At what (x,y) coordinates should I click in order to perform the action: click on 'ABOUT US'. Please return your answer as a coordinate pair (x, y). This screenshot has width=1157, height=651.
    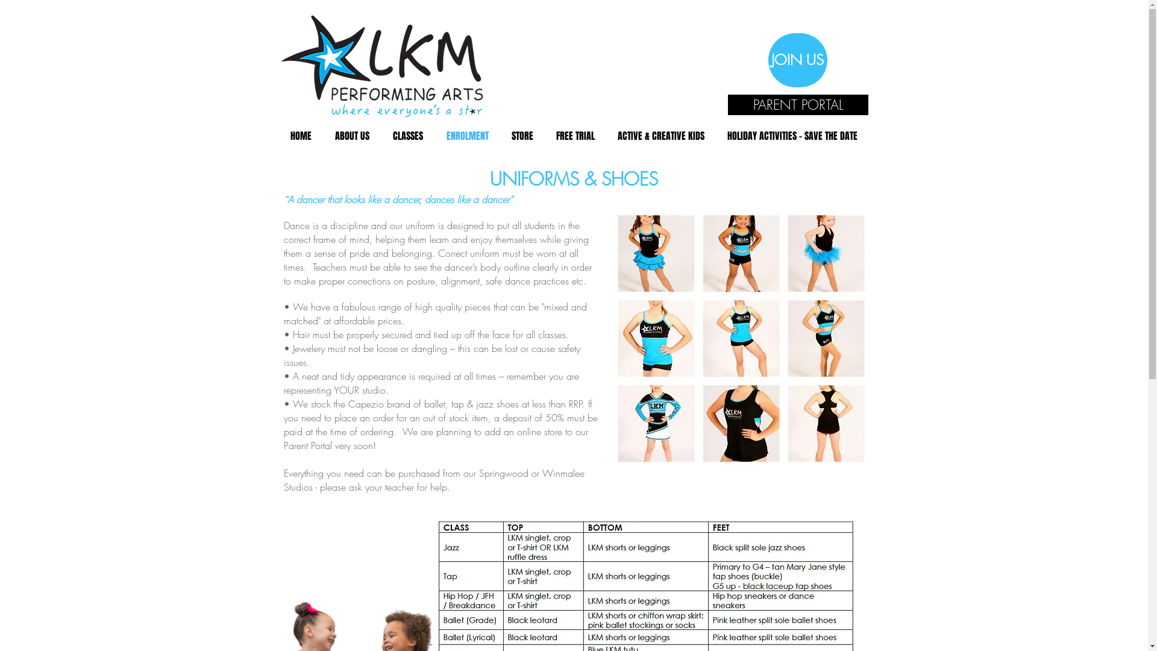
    Looking at the image, I should click on (351, 136).